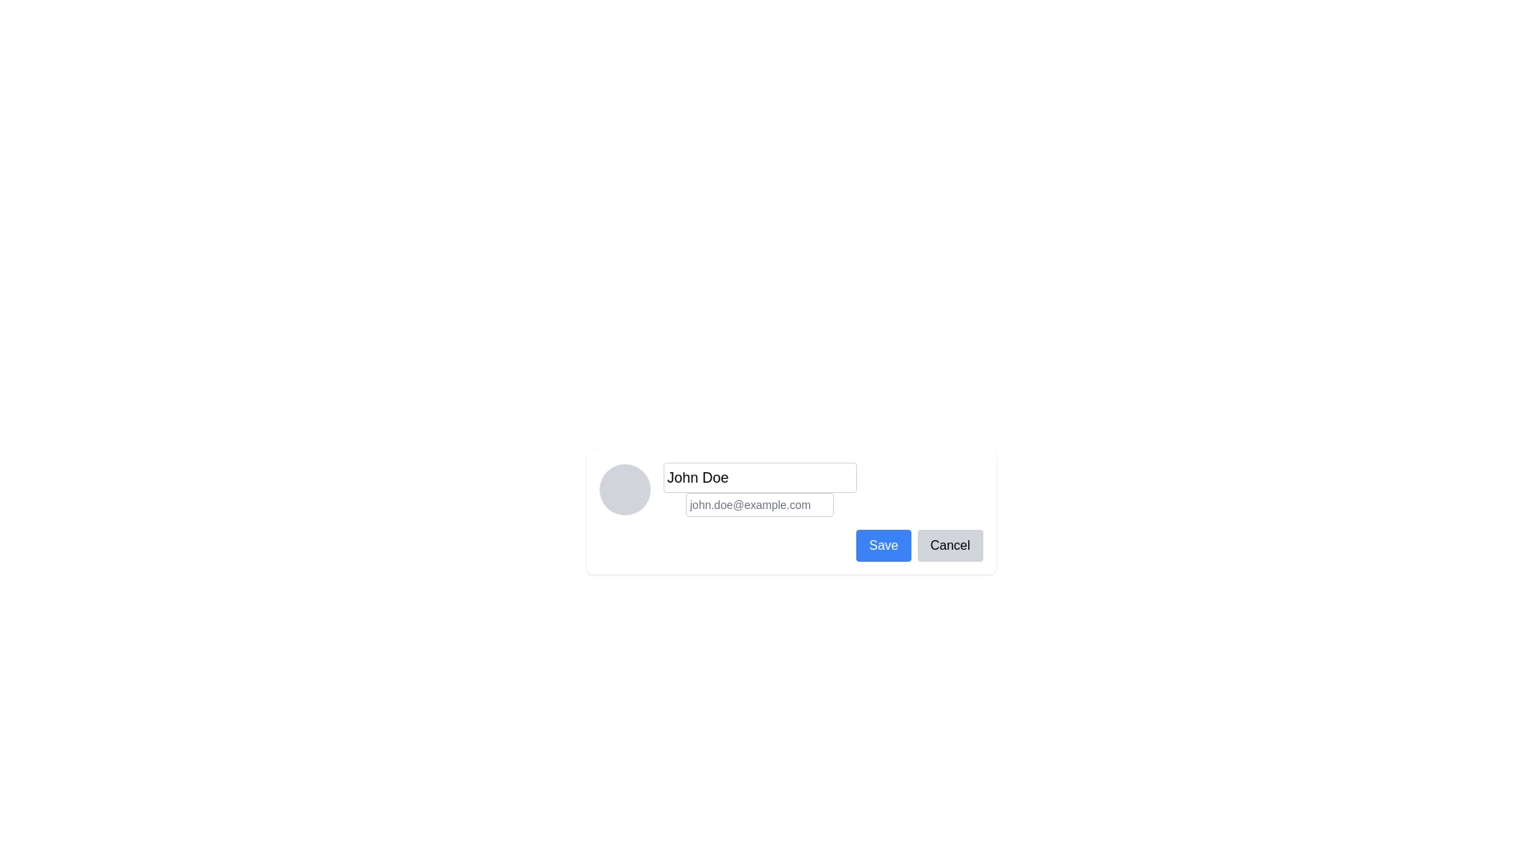  Describe the element at coordinates (883, 544) in the screenshot. I see `the 'Save' button, which is a blue rectangular button with white text, located at the bottom-right of the form interface, to observe the hover styling effect` at that location.